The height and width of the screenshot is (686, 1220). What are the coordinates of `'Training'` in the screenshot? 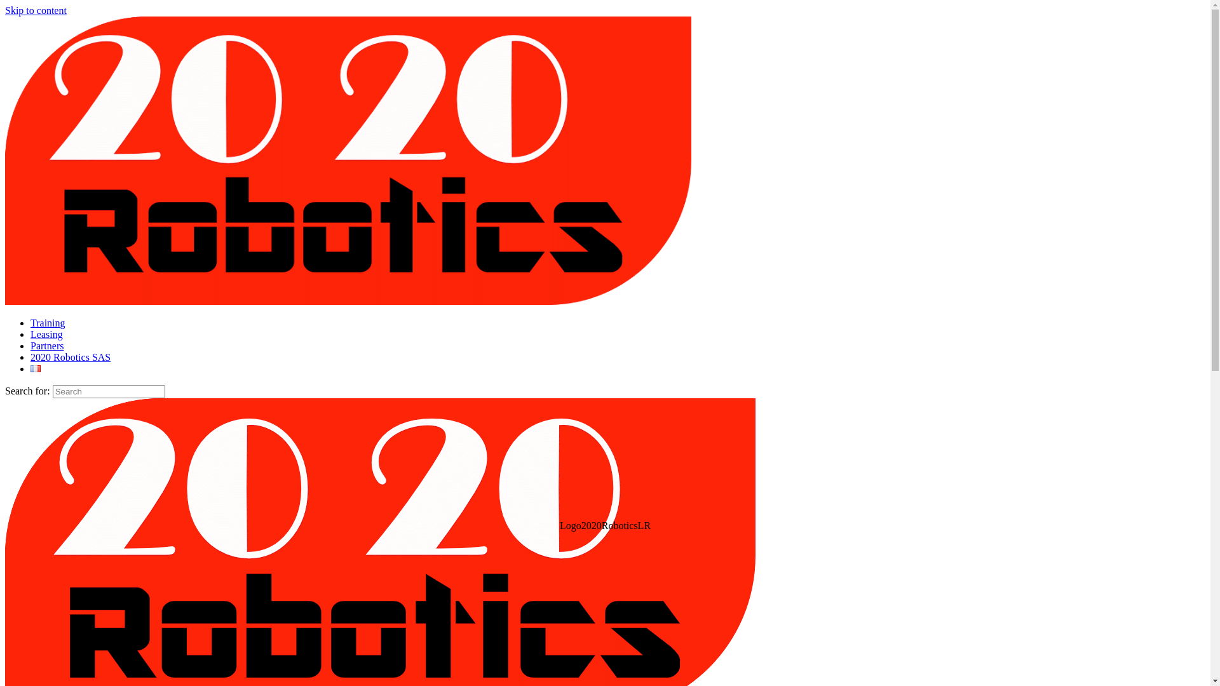 It's located at (30, 322).